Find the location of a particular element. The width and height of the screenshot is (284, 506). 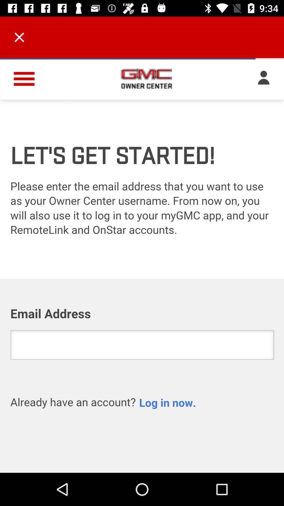

the close icon is located at coordinates (19, 37).